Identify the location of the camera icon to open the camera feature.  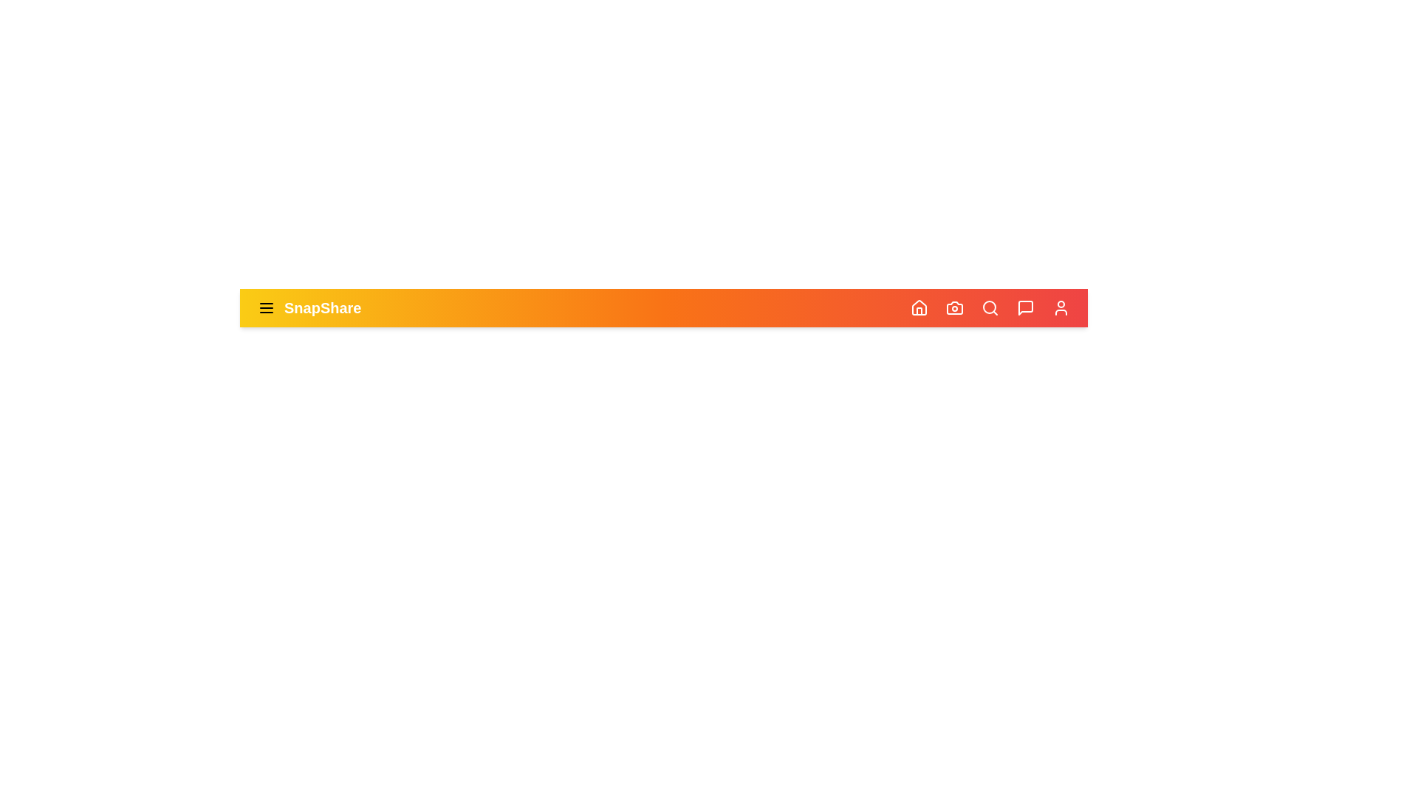
(954, 307).